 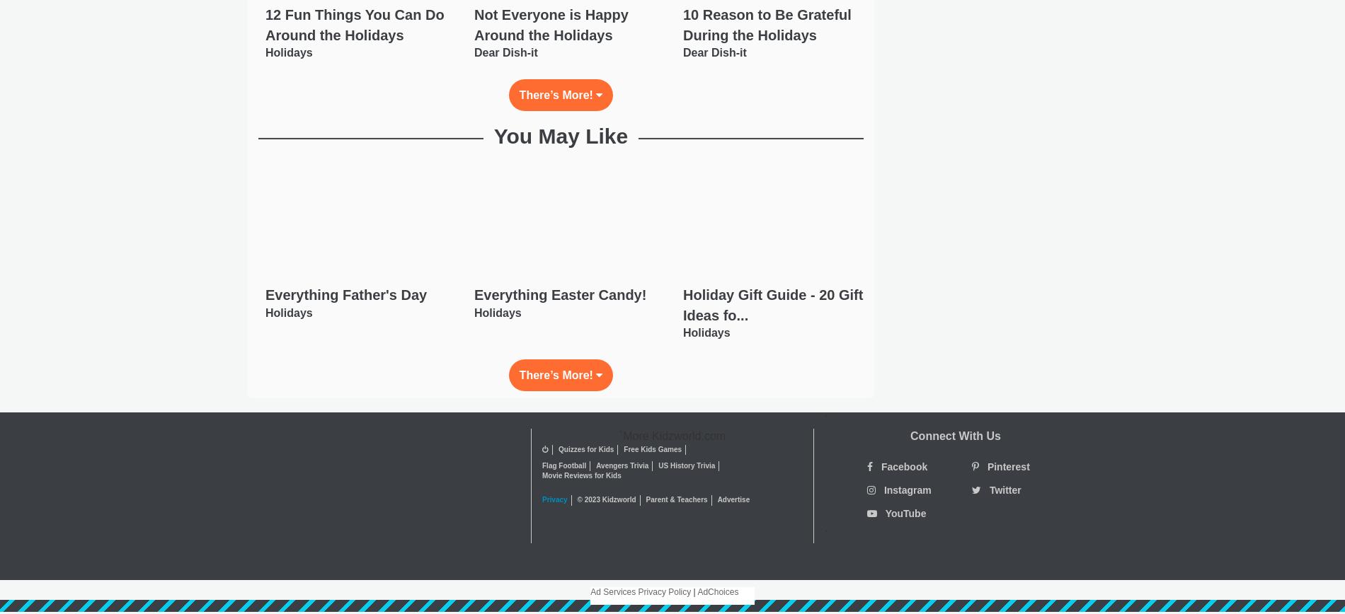 What do you see at coordinates (559, 136) in the screenshot?
I see `'You May Like'` at bounding box center [559, 136].